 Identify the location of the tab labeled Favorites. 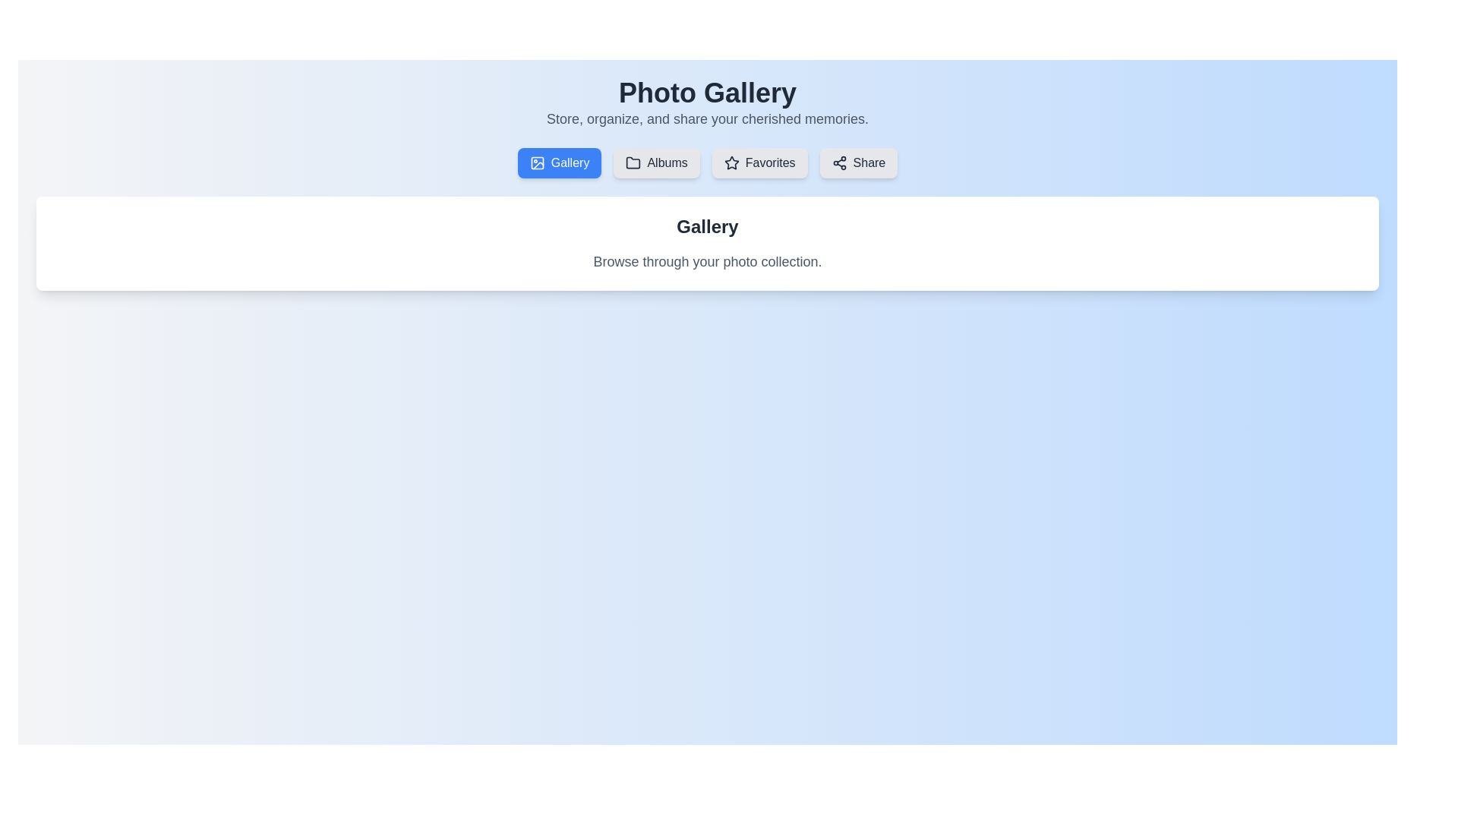
(759, 163).